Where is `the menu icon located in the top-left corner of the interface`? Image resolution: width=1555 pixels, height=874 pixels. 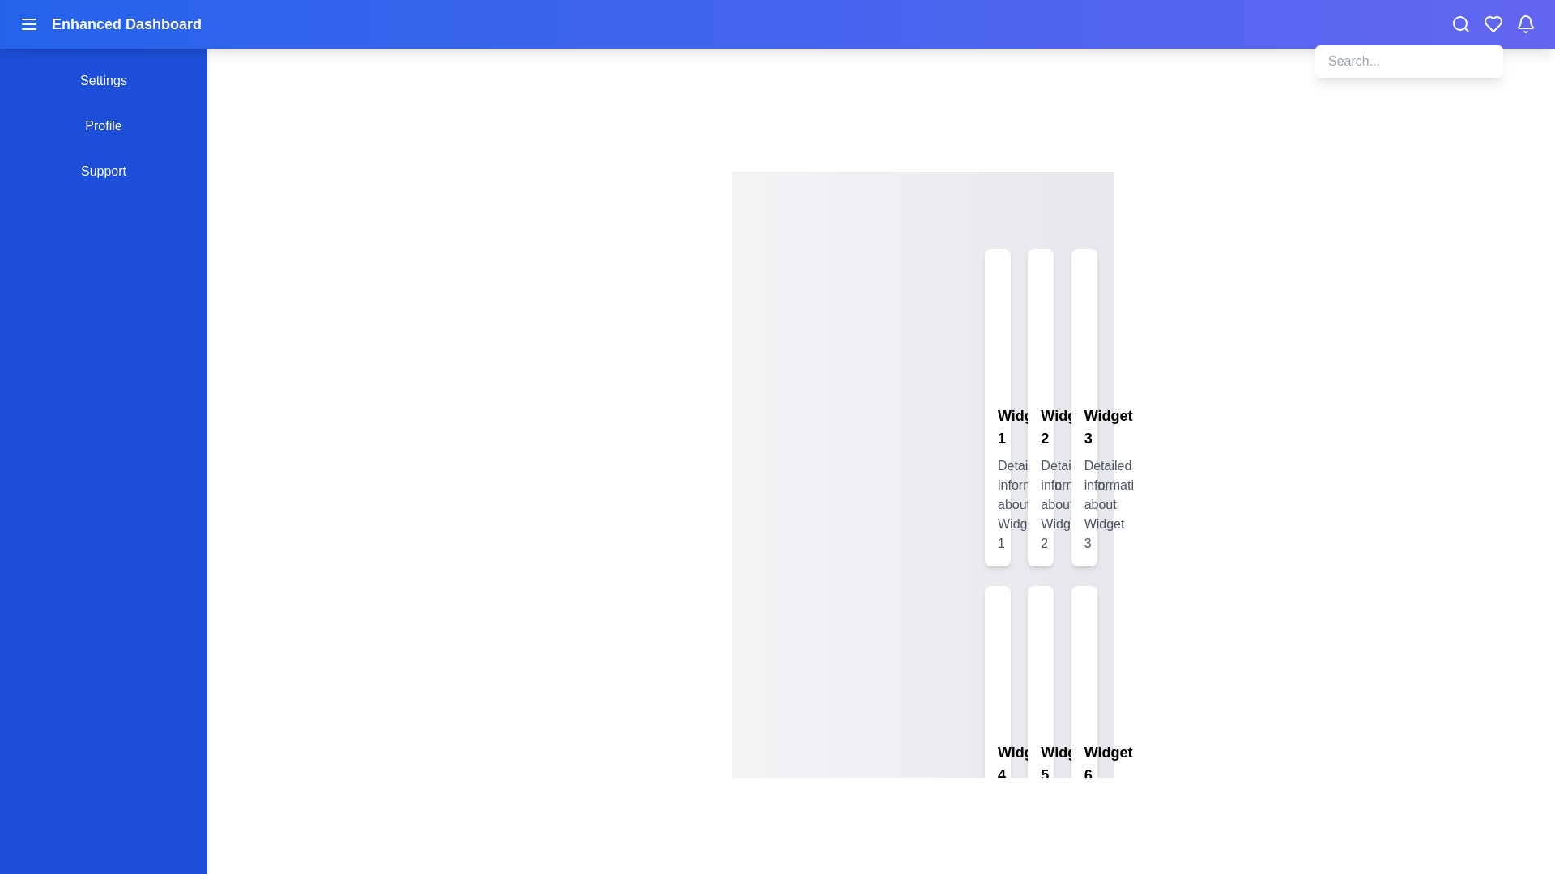
the menu icon located in the top-left corner of the interface is located at coordinates (28, 24).